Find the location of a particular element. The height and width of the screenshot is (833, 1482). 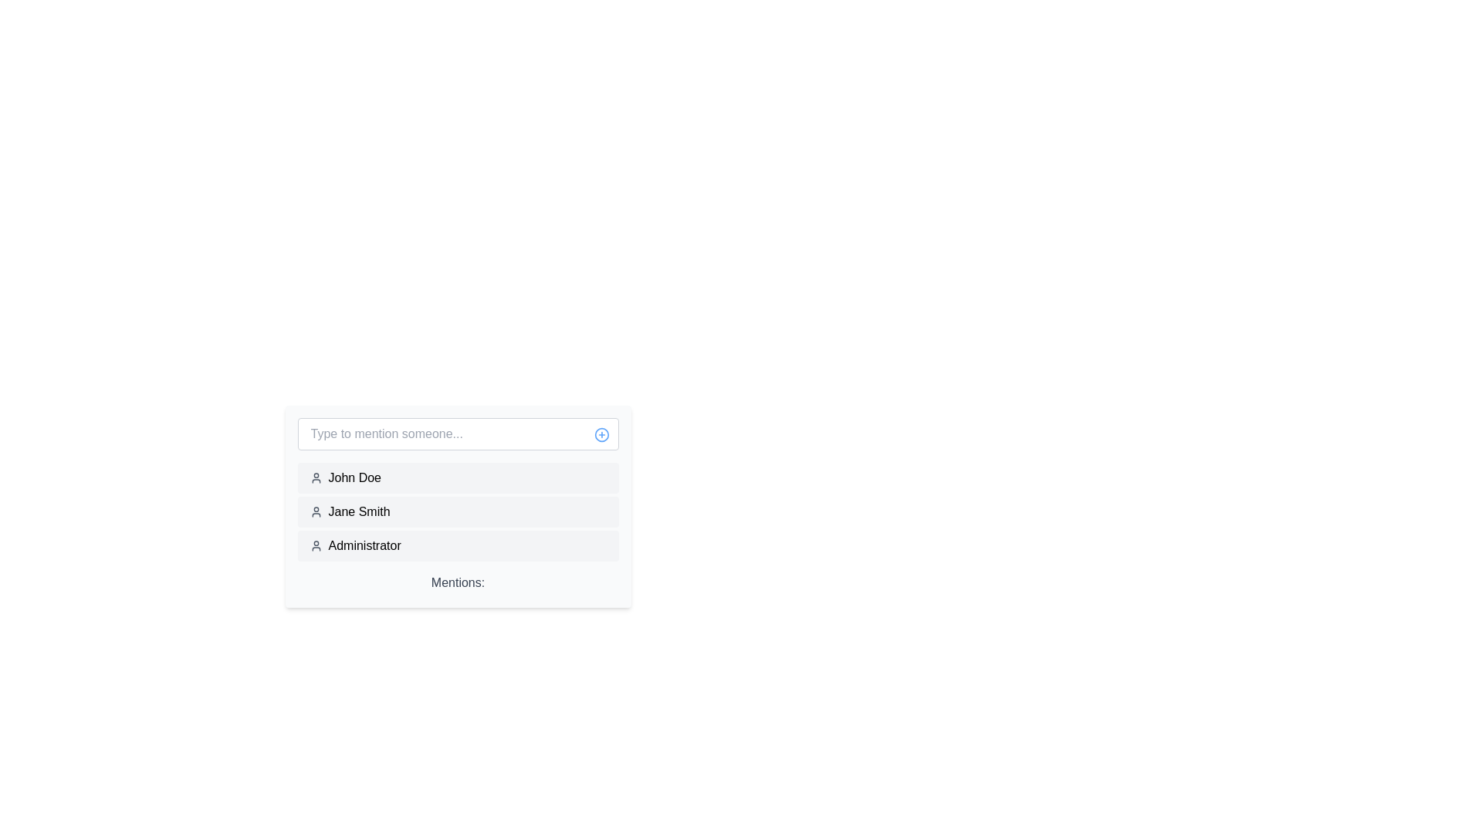

the second row of the selectable menu is located at coordinates (457, 511).